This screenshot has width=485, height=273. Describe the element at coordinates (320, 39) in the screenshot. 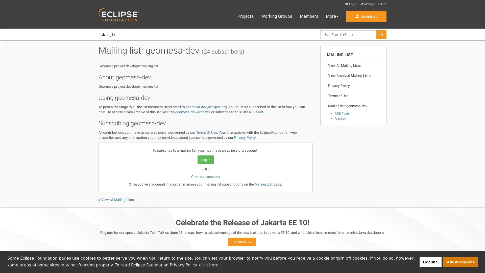

I see `Search` at that location.